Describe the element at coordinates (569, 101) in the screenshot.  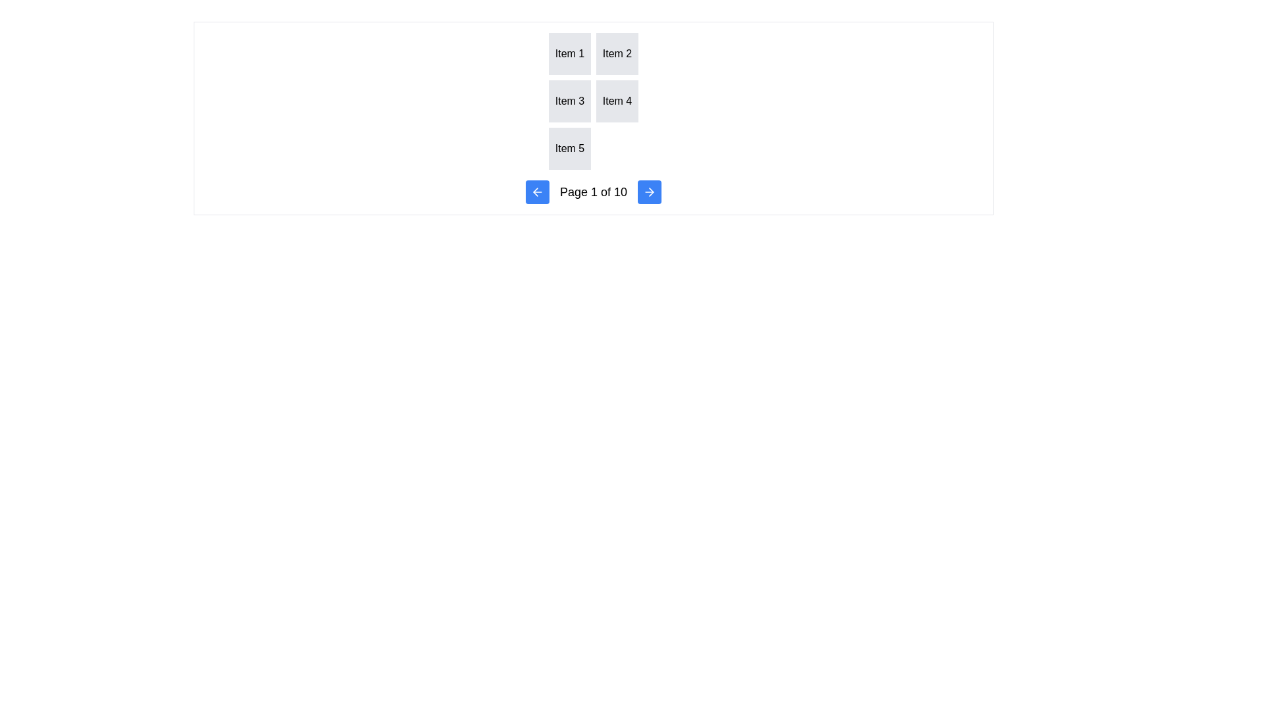
I see `the square box with a light gray background containing the centered text 'Item 3', which is the third item in a grid layout positioned in the second row, first column` at that location.